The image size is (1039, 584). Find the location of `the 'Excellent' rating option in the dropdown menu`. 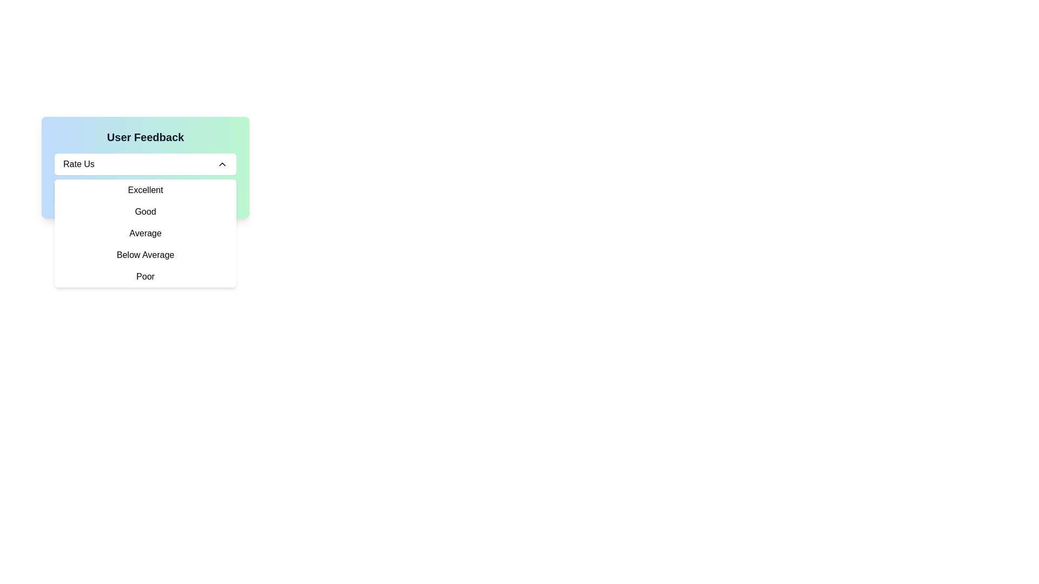

the 'Excellent' rating option in the dropdown menu is located at coordinates (144, 189).